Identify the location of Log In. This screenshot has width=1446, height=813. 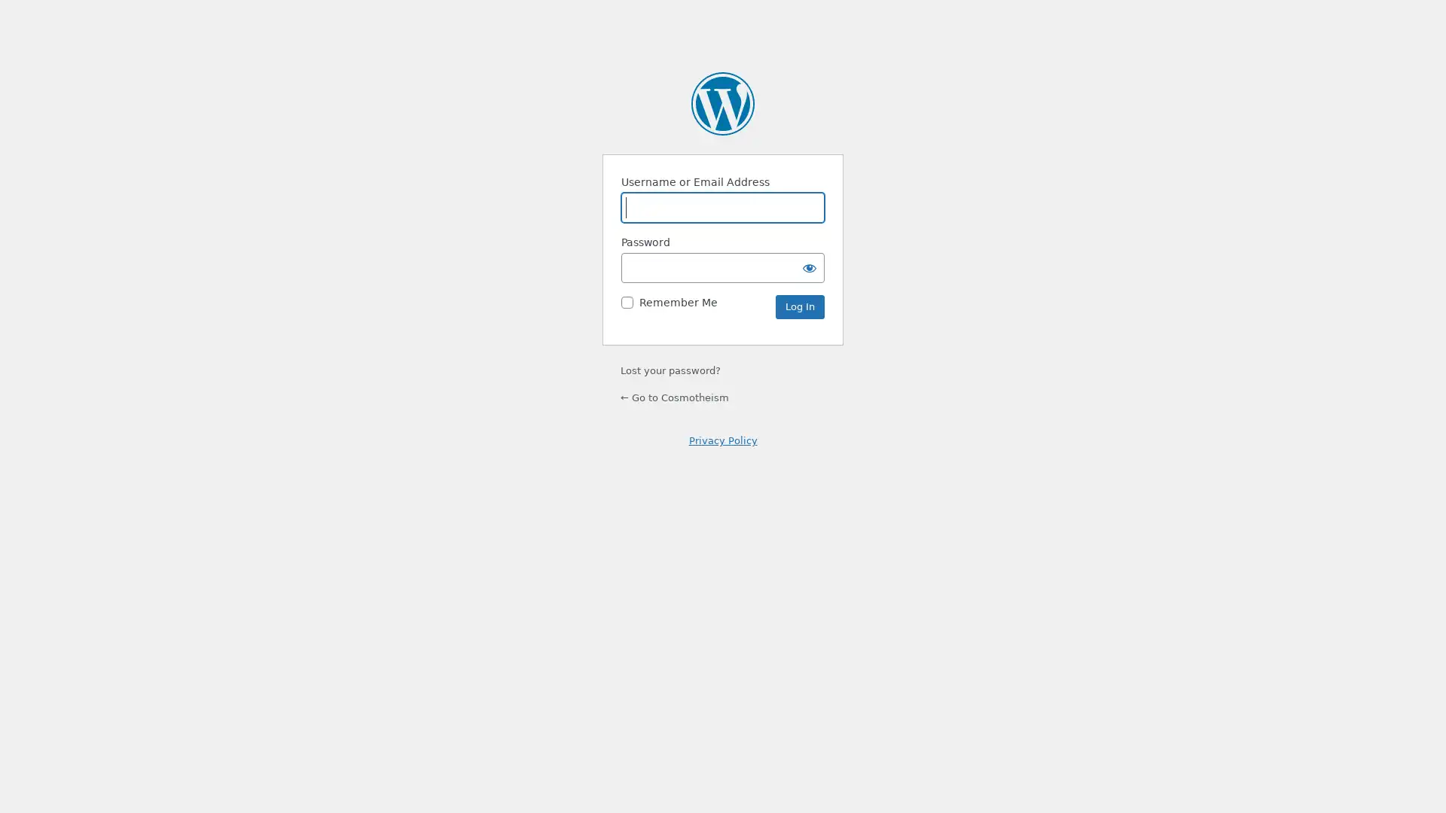
(799, 306).